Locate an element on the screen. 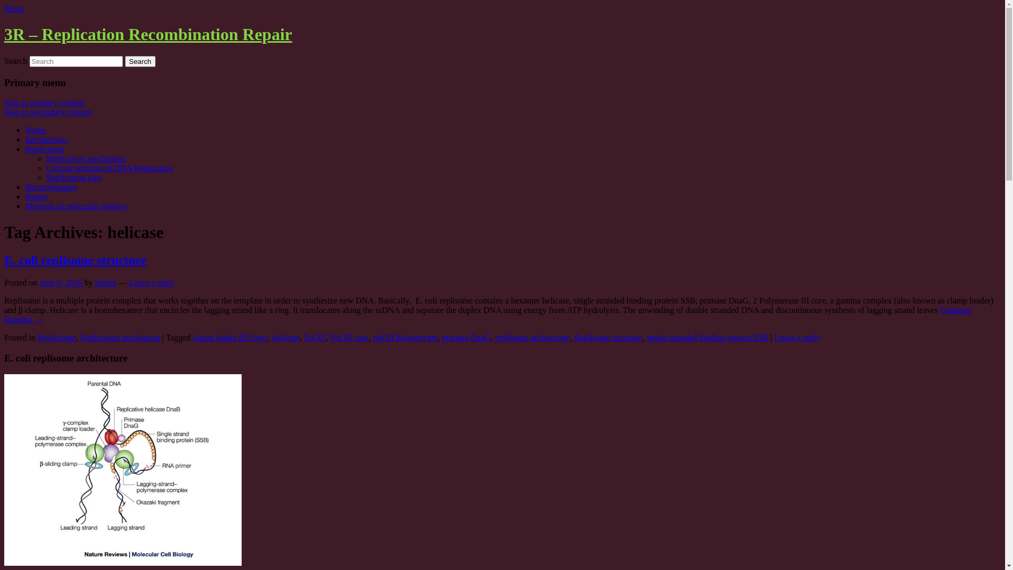 Image resolution: width=1013 pixels, height=570 pixels. 'pol III holoenzyme' is located at coordinates (405, 337).